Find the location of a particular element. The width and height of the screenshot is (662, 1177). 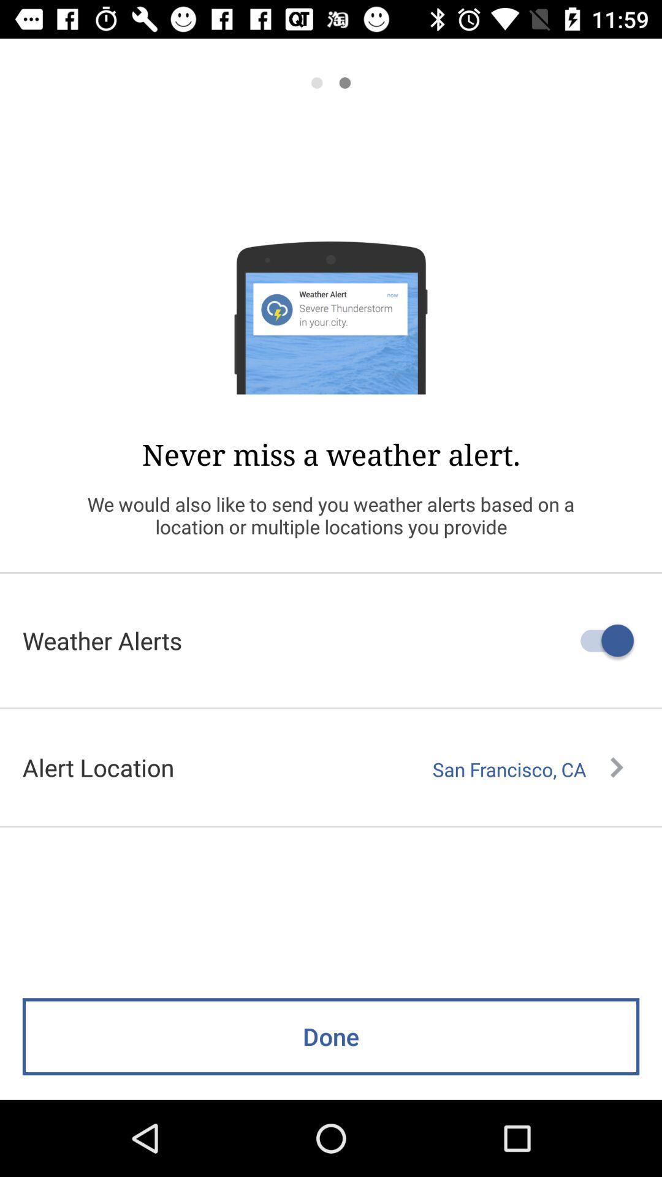

the san francisco, ca is located at coordinates (527, 769).